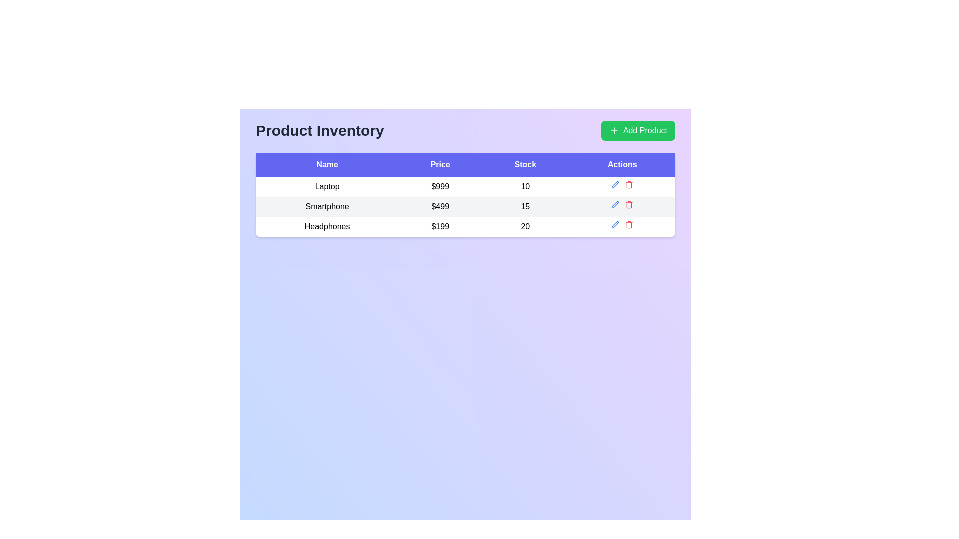  What do you see at coordinates (629, 204) in the screenshot?
I see `the trash icon in the actions column of the second row in the product inventory table to initiate the delete action` at bounding box center [629, 204].